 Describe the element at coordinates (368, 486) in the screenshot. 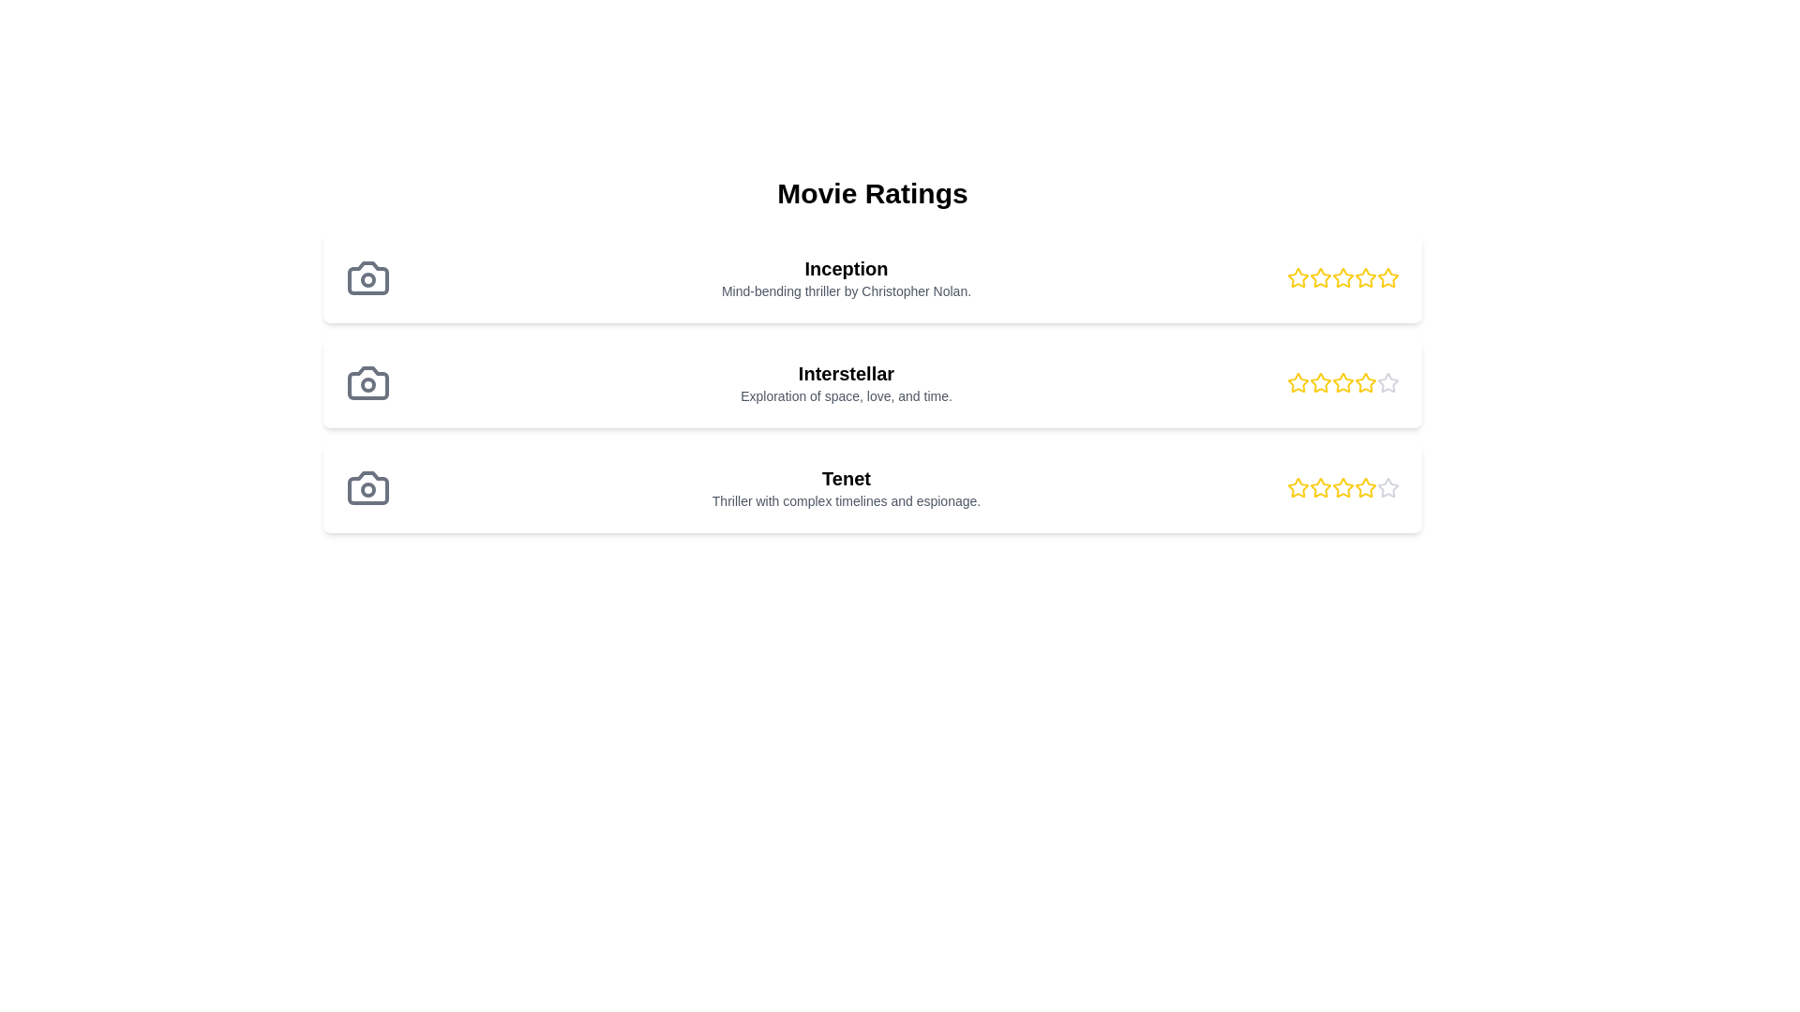

I see `the decorative media icon located at the top-left of the third row, which serves as a visual cue for media-related content` at that location.